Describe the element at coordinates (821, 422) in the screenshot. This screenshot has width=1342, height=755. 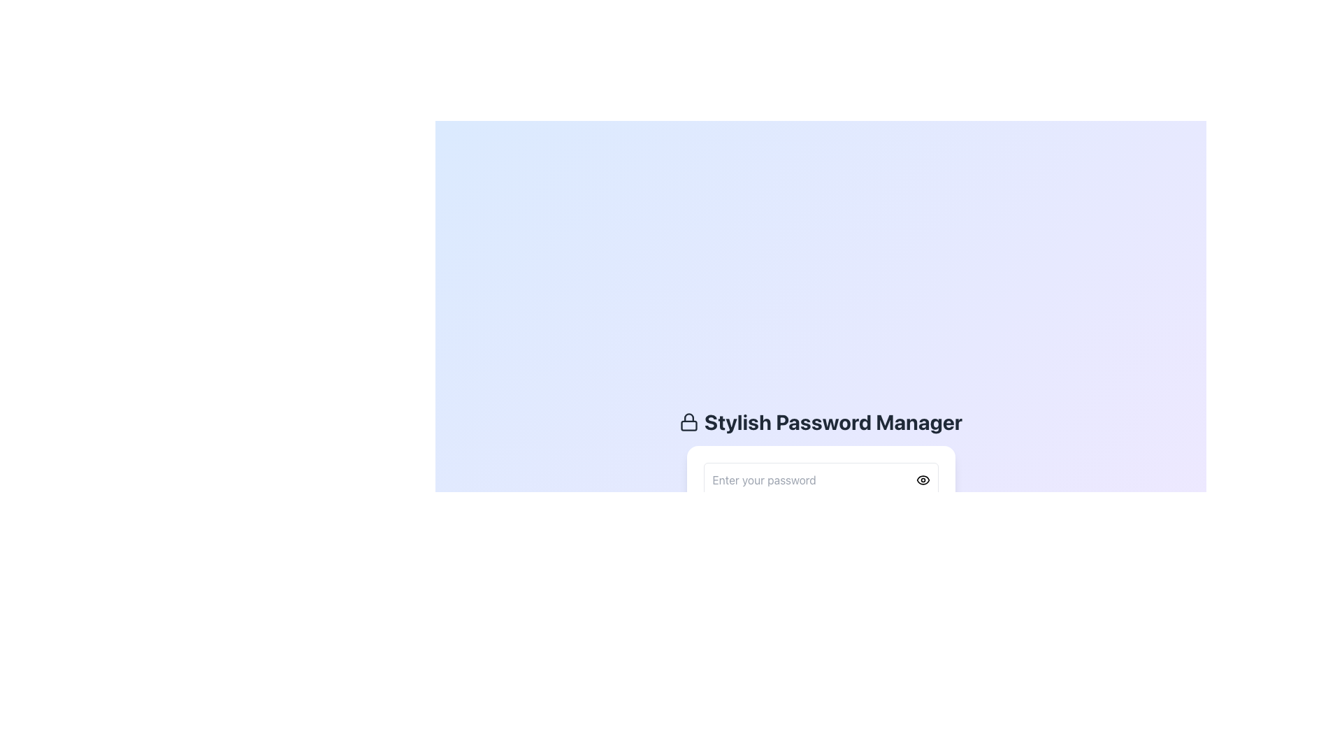
I see `the text block displaying 'Stylish Password Manager' with a lock icon from its current position` at that location.